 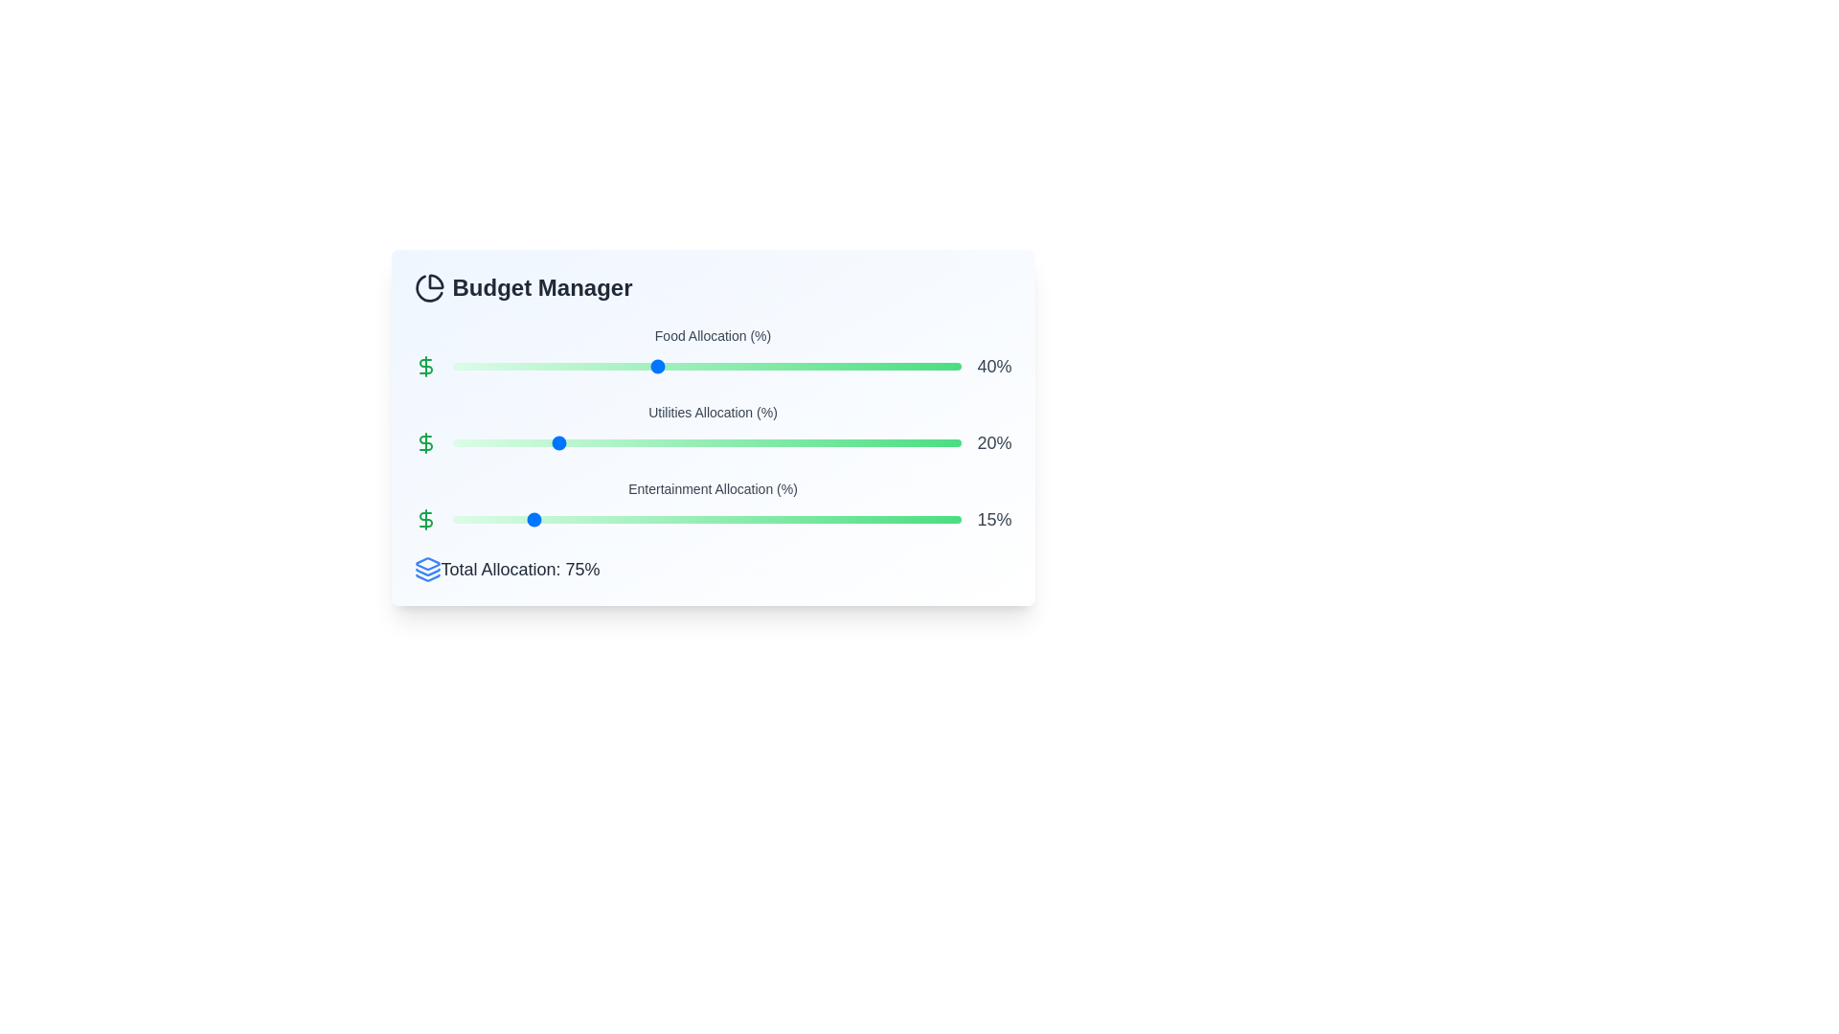 I want to click on the Utilities Allocation slider to 38%, so click(x=646, y=442).